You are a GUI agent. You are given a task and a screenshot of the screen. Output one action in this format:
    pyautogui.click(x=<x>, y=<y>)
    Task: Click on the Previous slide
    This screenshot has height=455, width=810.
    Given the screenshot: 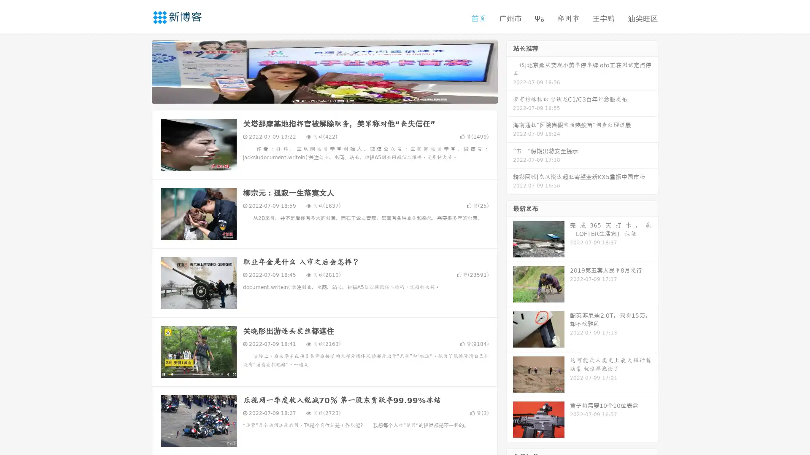 What is the action you would take?
    pyautogui.click(x=139, y=71)
    